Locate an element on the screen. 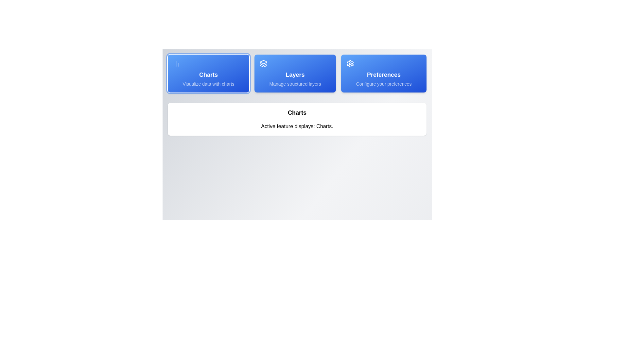  the heading text display that categorizes the section above 'Active feature displays: Charts.' is located at coordinates (297, 112).